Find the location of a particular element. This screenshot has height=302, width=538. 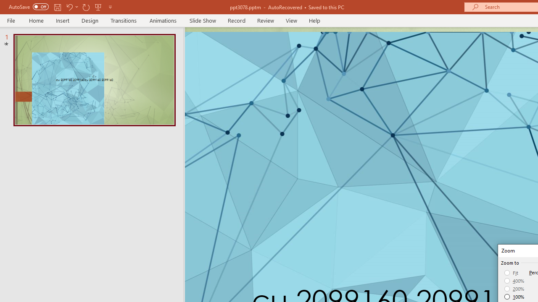

'400%' is located at coordinates (514, 281).